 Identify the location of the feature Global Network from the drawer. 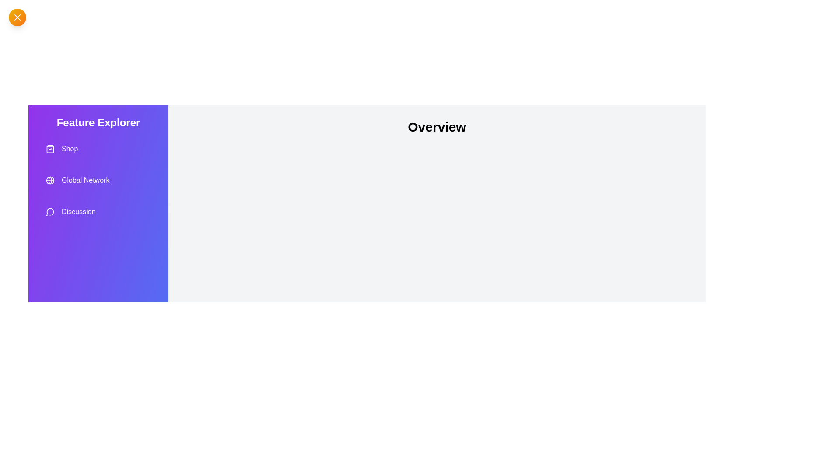
(98, 180).